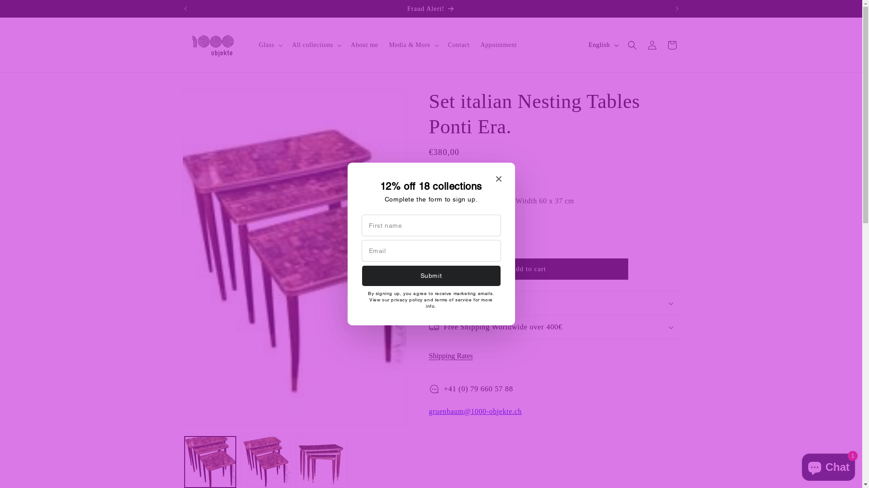 This screenshot has height=488, width=869. What do you see at coordinates (443, 45) in the screenshot?
I see `'Contact'` at bounding box center [443, 45].